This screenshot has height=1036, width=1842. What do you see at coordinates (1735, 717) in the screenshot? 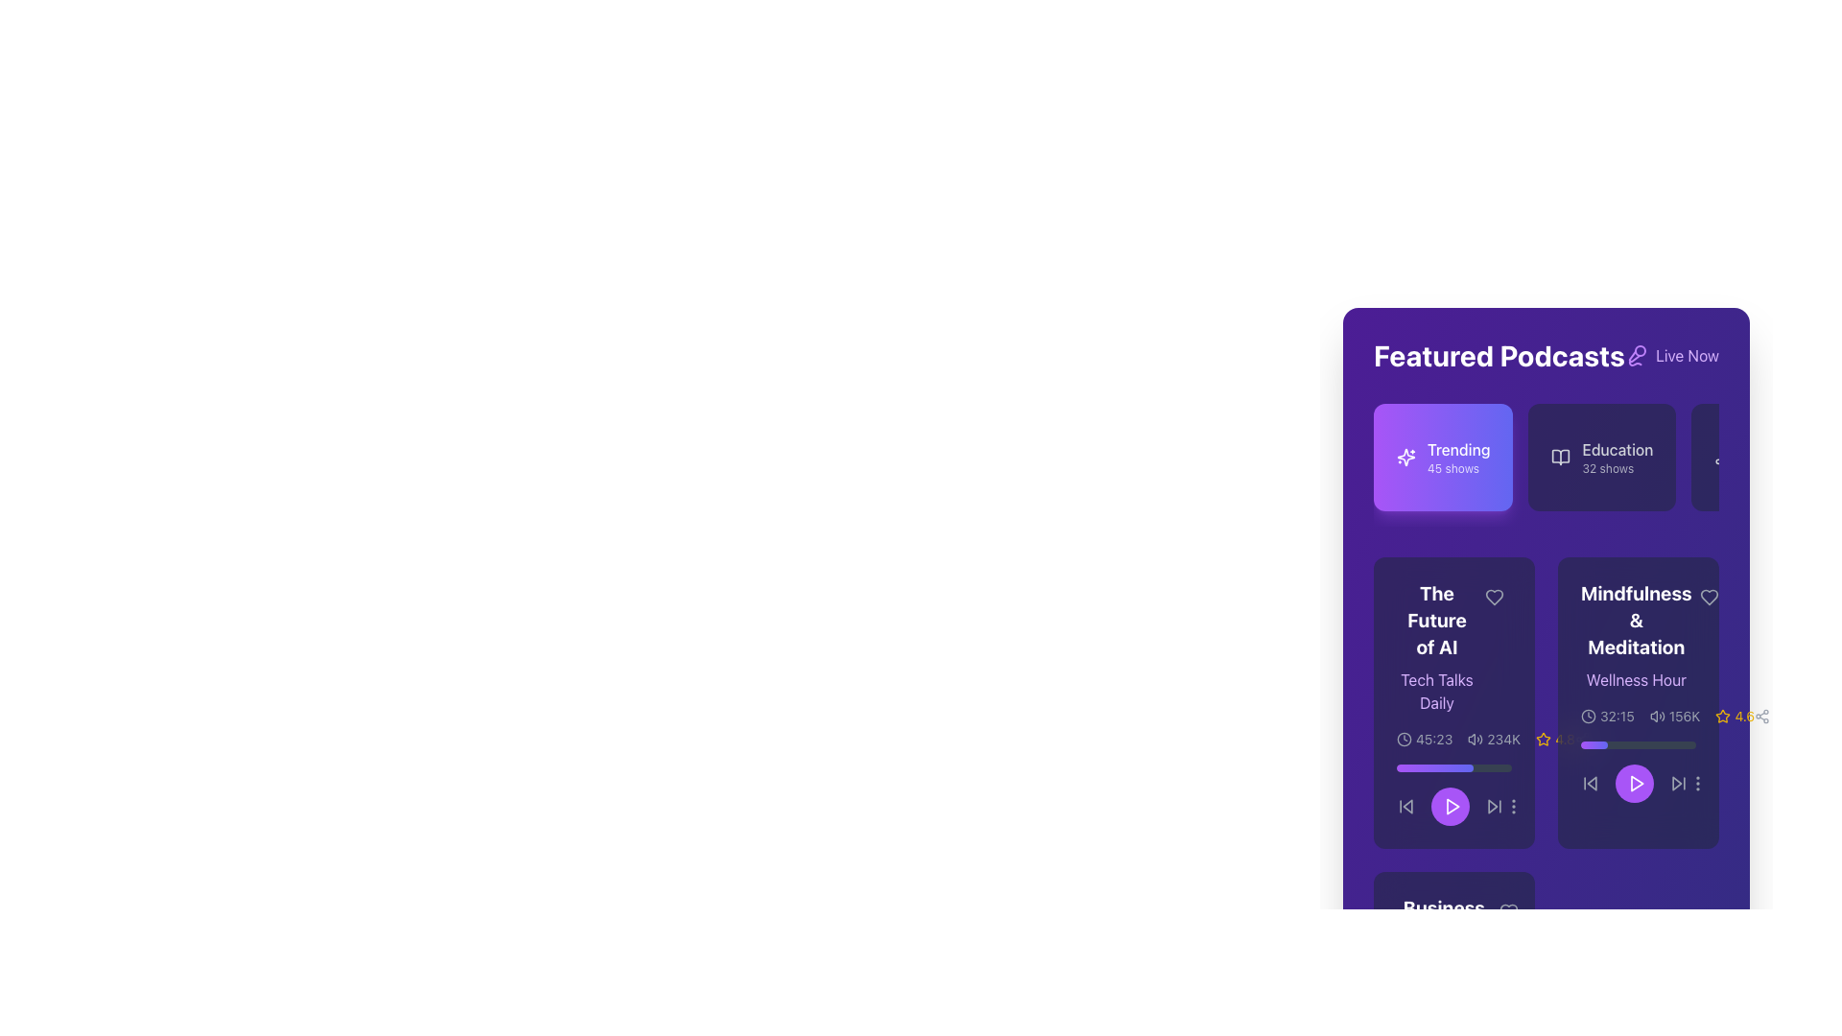
I see `the Rating display, which shows the star icon and score for the podcast` at bounding box center [1735, 717].